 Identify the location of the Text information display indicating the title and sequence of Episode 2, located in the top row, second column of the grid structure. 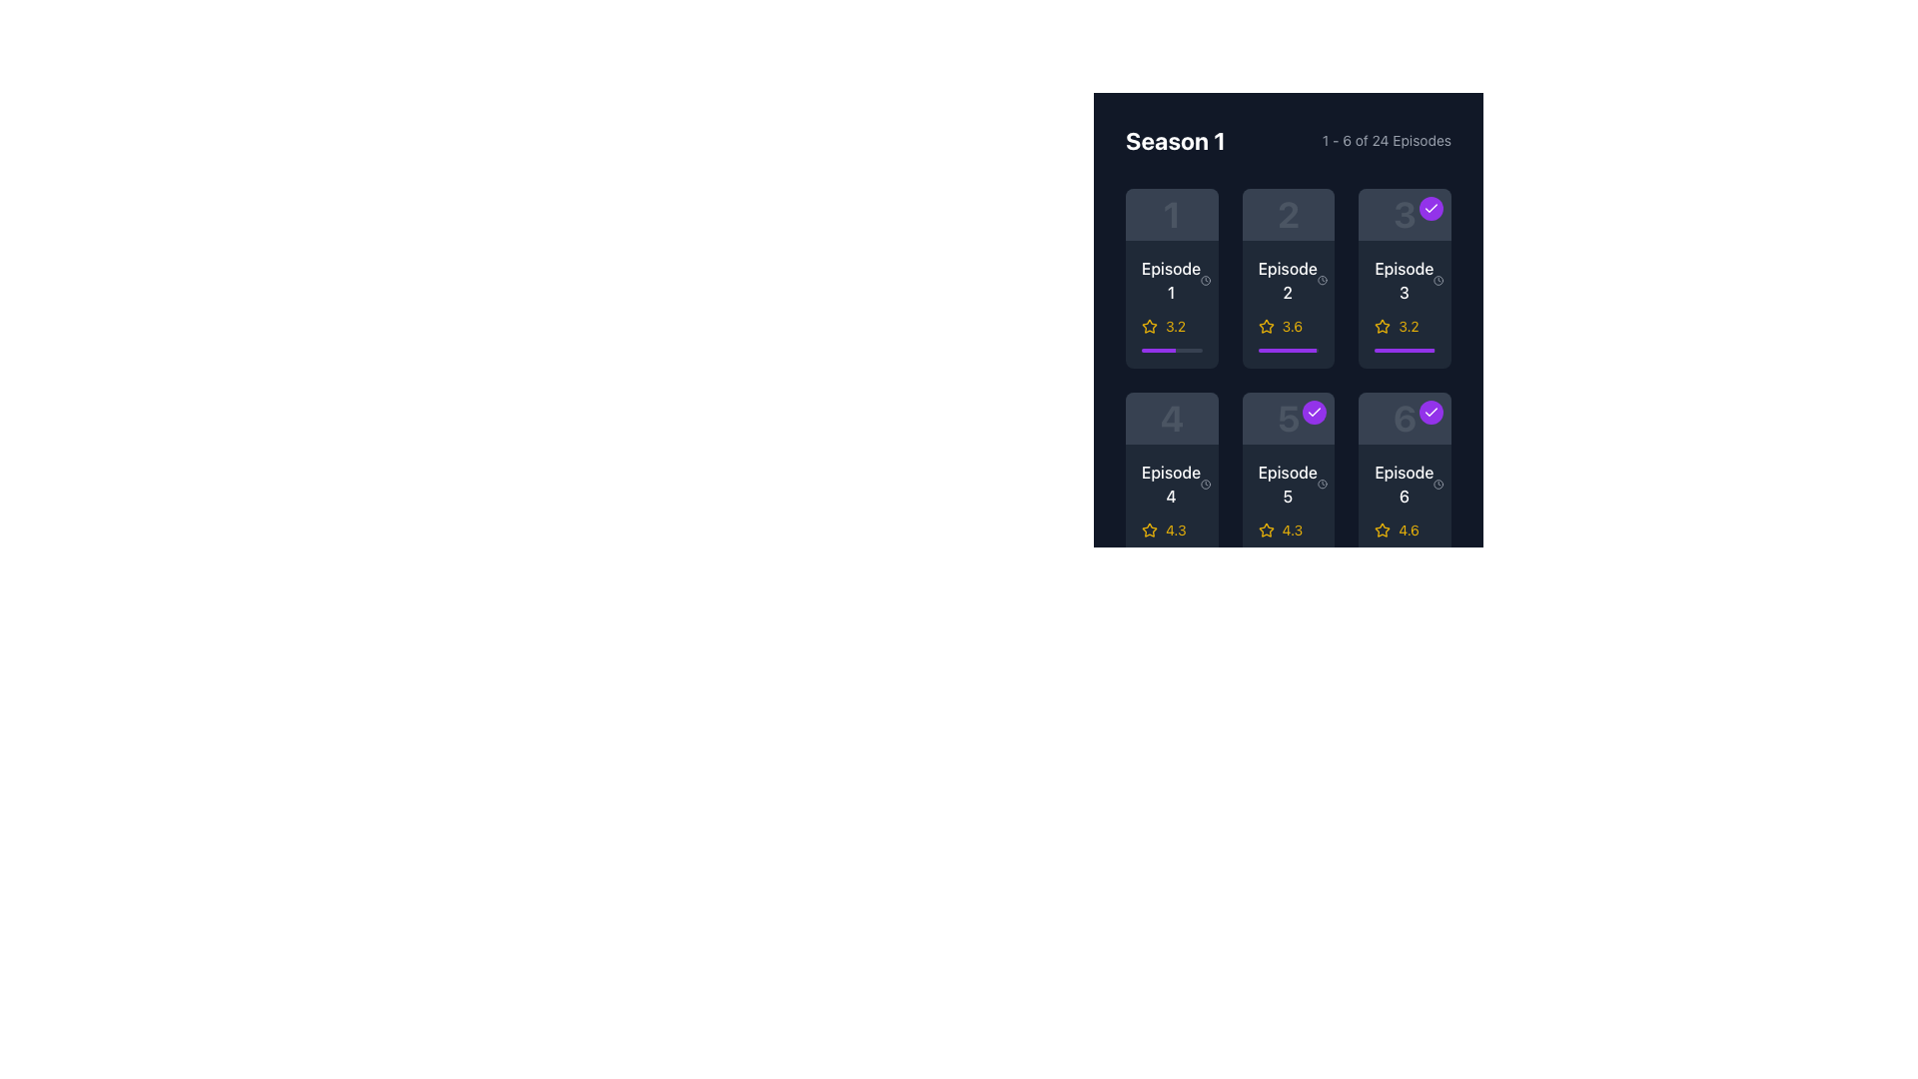
(1289, 281).